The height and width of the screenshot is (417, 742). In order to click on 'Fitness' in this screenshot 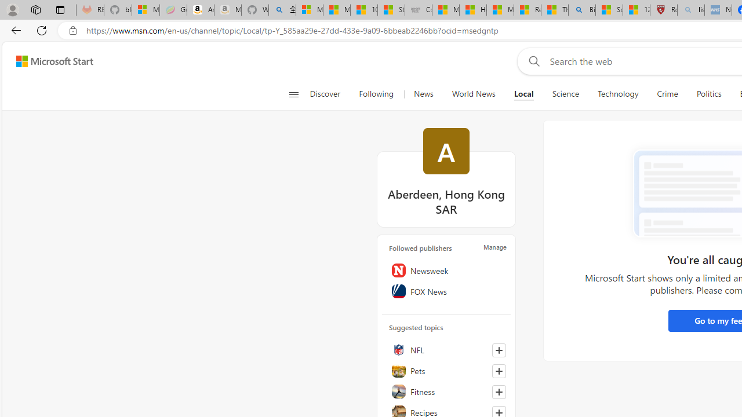, I will do `click(446, 391)`.